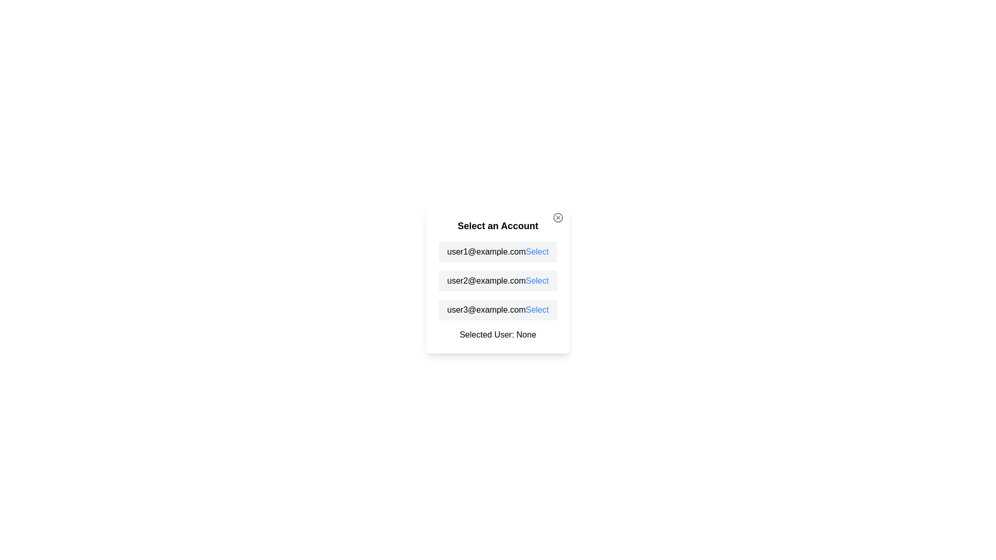 This screenshot has height=560, width=996. I want to click on 'Select' button next to the email corresponding to user3@example.com, so click(537, 309).